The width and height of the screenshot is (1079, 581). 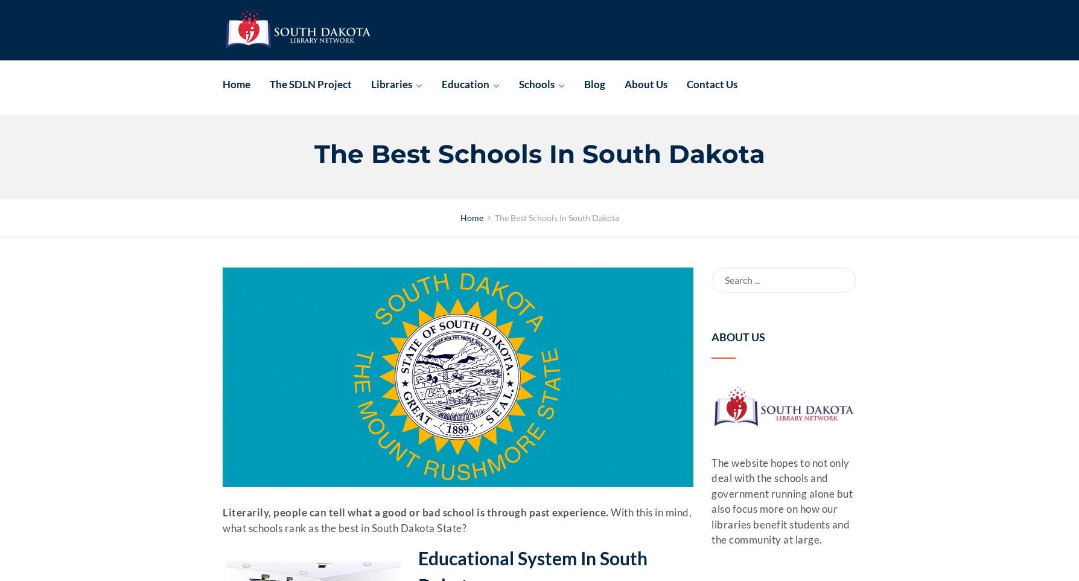 I want to click on 'Literarily, people can tell what a good or bad school is through past experience.', so click(x=415, y=512).